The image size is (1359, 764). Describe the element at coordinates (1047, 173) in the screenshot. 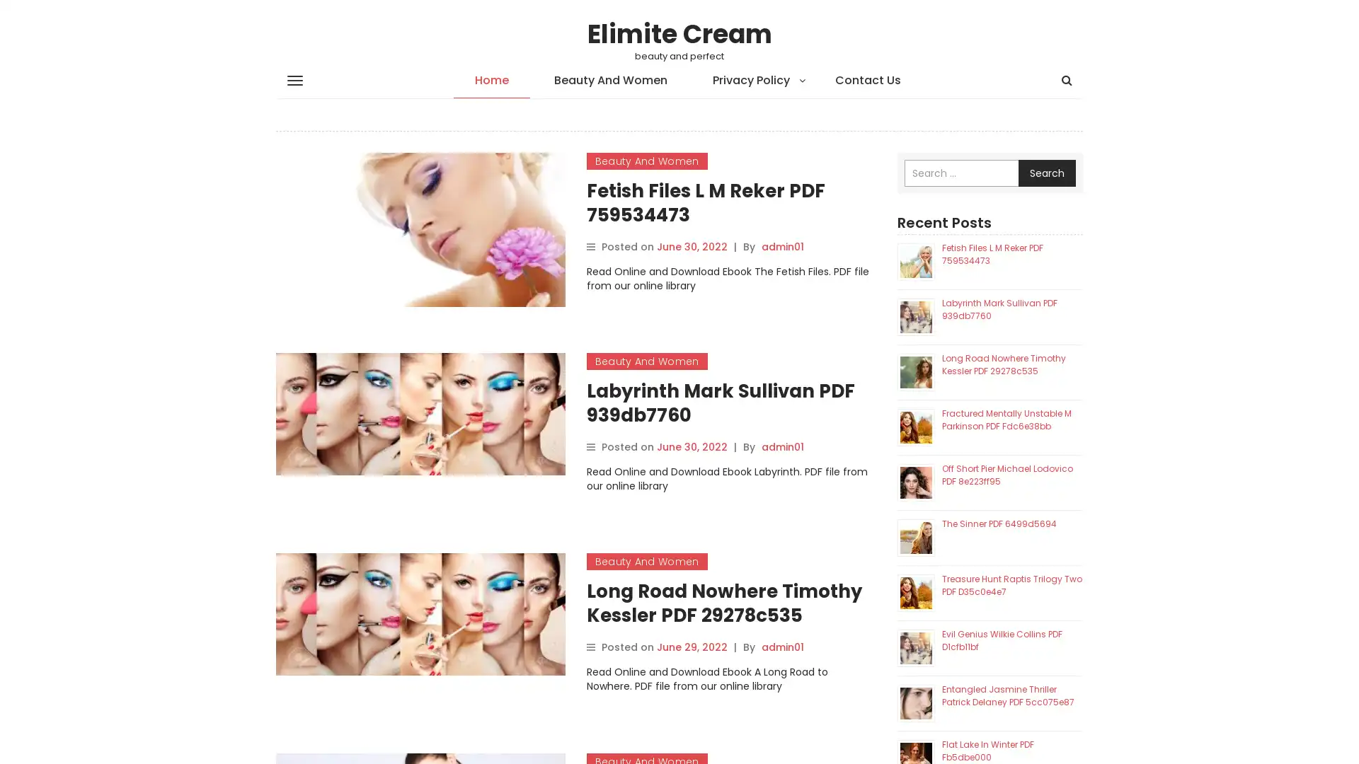

I see `Search` at that location.